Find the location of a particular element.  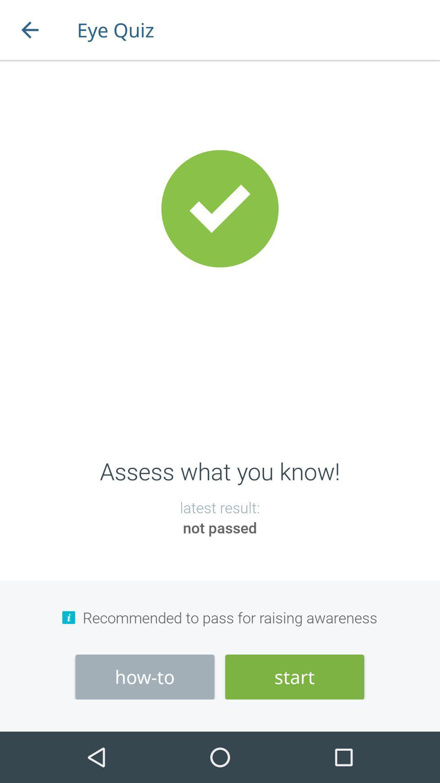

the icon to the left of the start item is located at coordinates (144, 677).